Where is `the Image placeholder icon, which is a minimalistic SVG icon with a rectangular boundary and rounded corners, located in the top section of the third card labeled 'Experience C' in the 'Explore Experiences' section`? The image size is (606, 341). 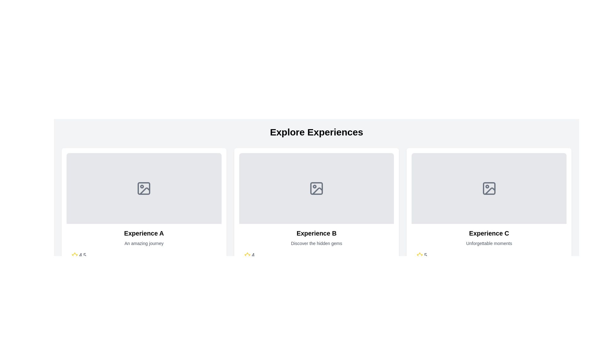 the Image placeholder icon, which is a minimalistic SVG icon with a rectangular boundary and rounded corners, located in the top section of the third card labeled 'Experience C' in the 'Explore Experiences' section is located at coordinates (489, 188).